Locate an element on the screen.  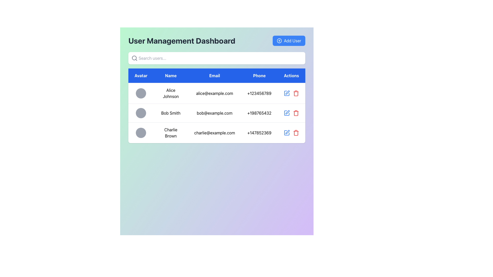
email address displayed in the third row of the table under the 'Email' column, located between 'Charlie Brown' and '+147852369' is located at coordinates (214, 132).